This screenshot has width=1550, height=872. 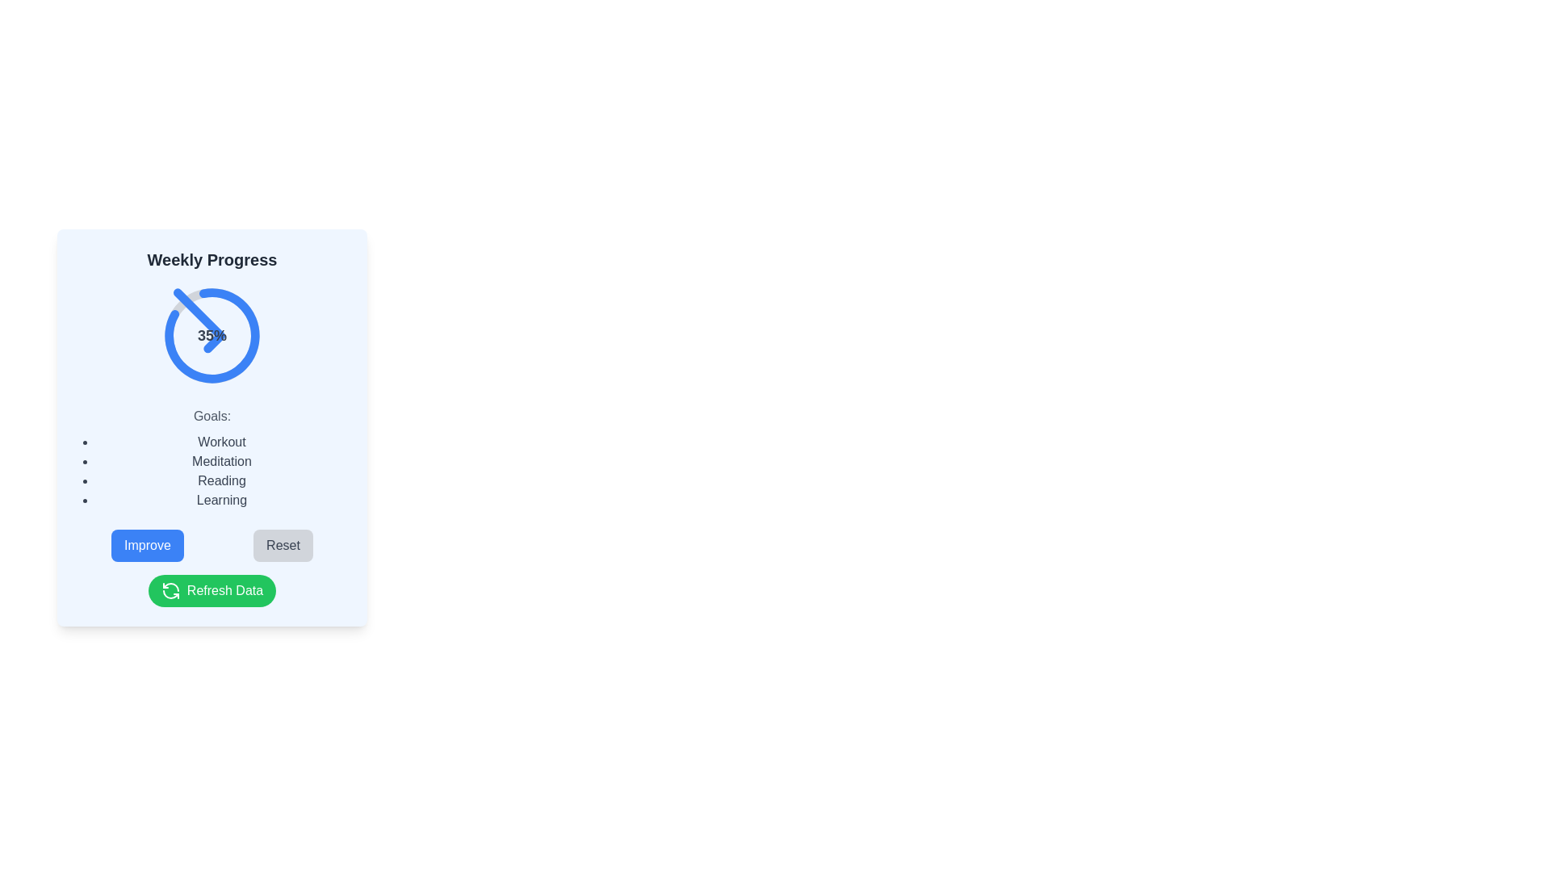 What do you see at coordinates (212, 335) in the screenshot?
I see `the static text label displaying '35%' which is centered within a circular progress indicator in the 'Weekly Progress' card` at bounding box center [212, 335].